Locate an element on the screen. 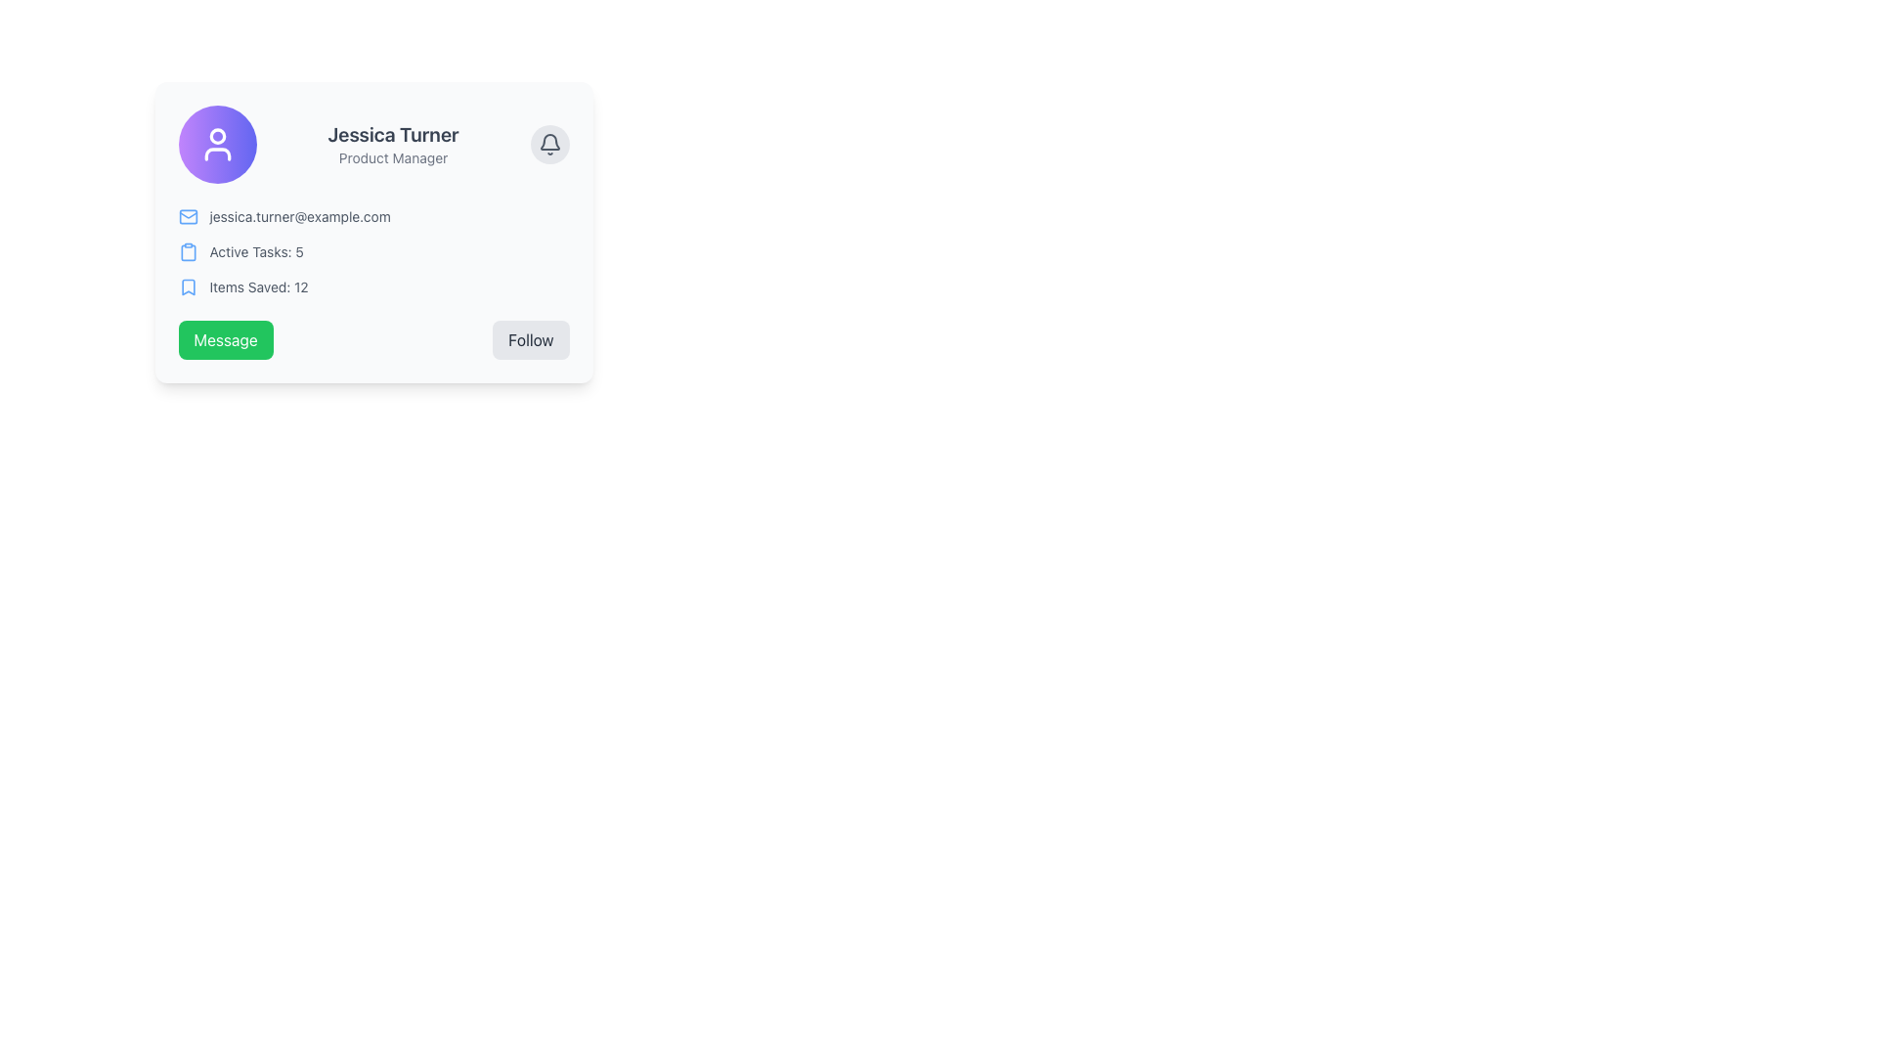 This screenshot has height=1056, width=1877. the circular graphic that represents the avatar icon located in the top-left section of the profile card is located at coordinates (217, 135).